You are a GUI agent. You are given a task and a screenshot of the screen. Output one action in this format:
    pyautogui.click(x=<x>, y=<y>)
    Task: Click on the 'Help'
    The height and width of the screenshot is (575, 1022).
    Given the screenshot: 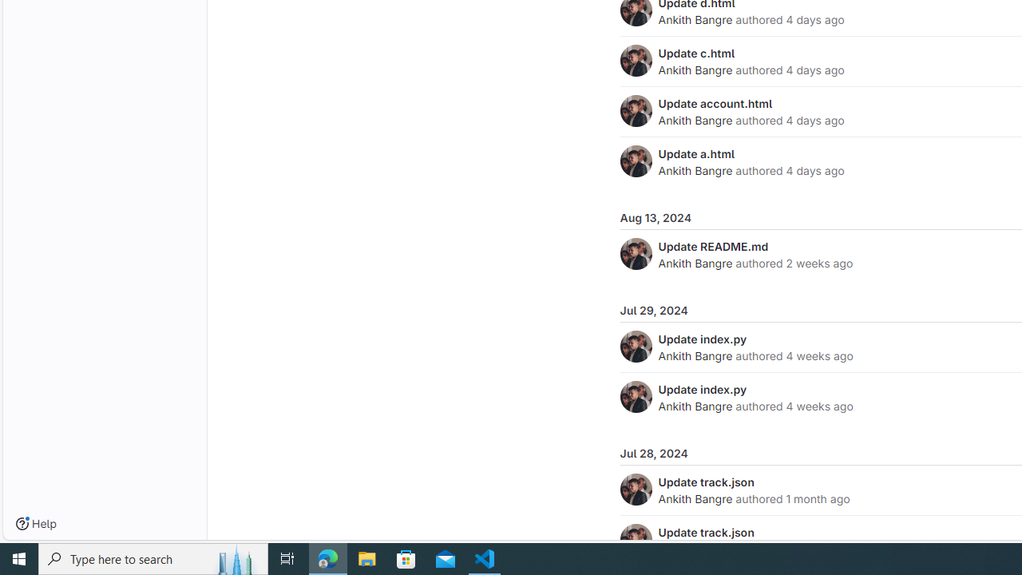 What is the action you would take?
    pyautogui.click(x=36, y=523)
    